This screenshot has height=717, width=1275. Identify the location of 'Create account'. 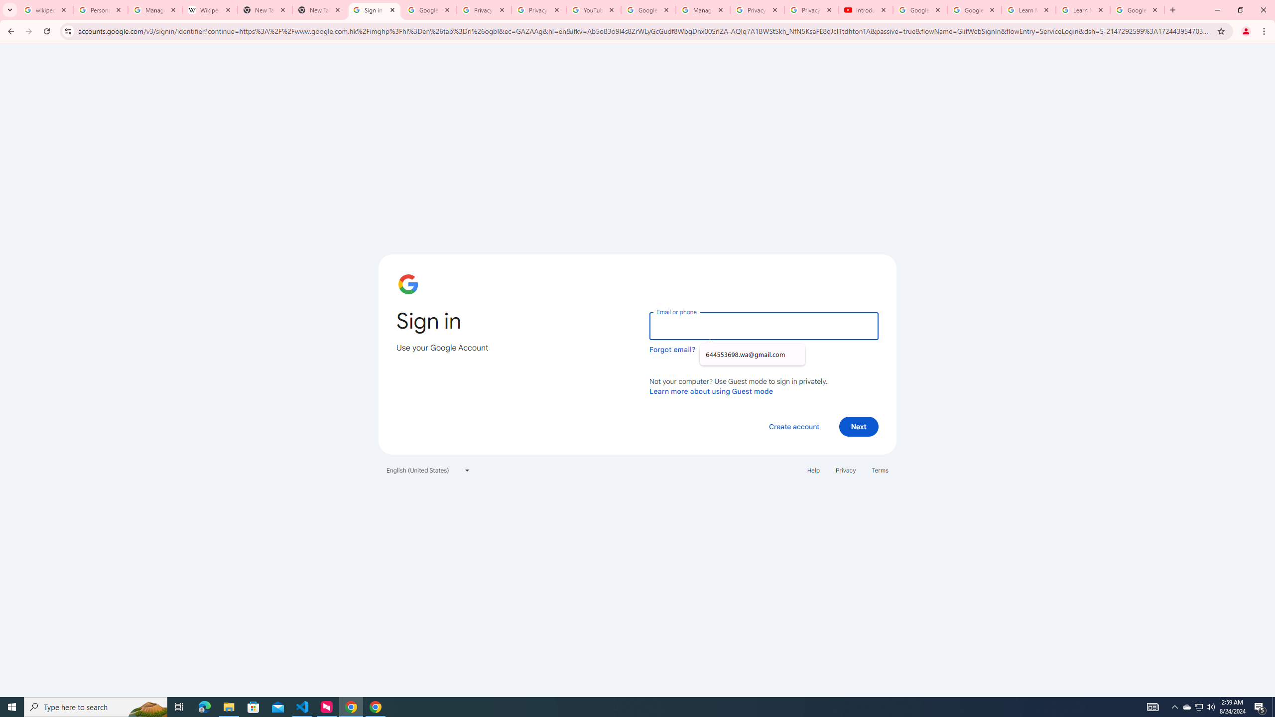
(793, 426).